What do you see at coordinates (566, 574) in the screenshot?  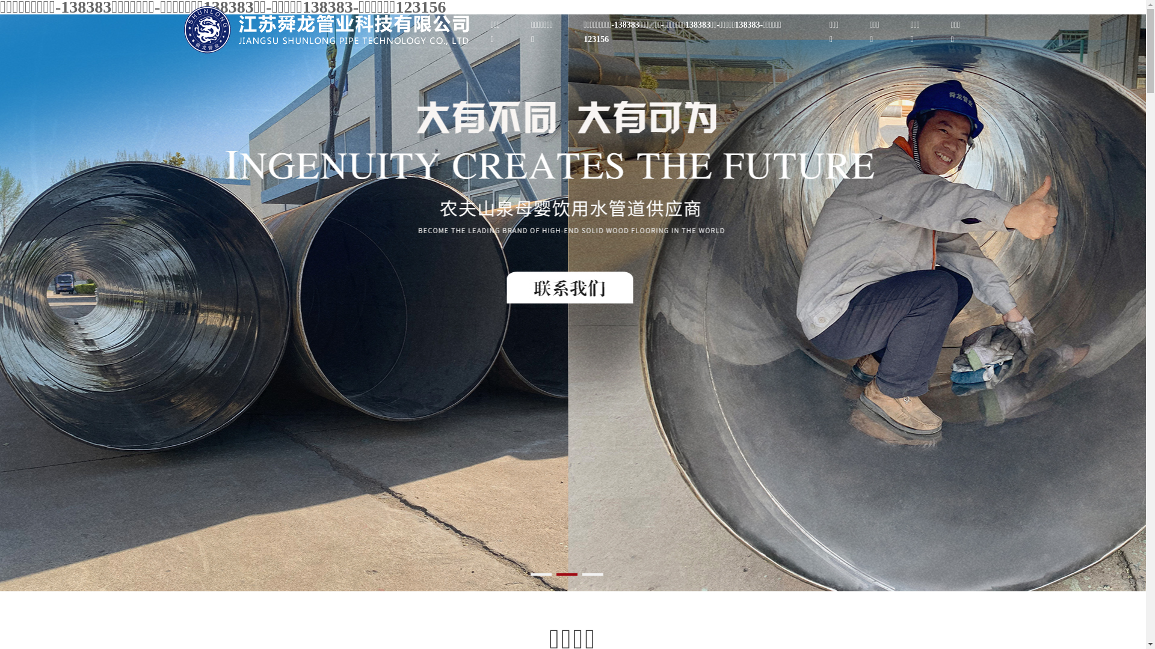 I see `'2'` at bounding box center [566, 574].